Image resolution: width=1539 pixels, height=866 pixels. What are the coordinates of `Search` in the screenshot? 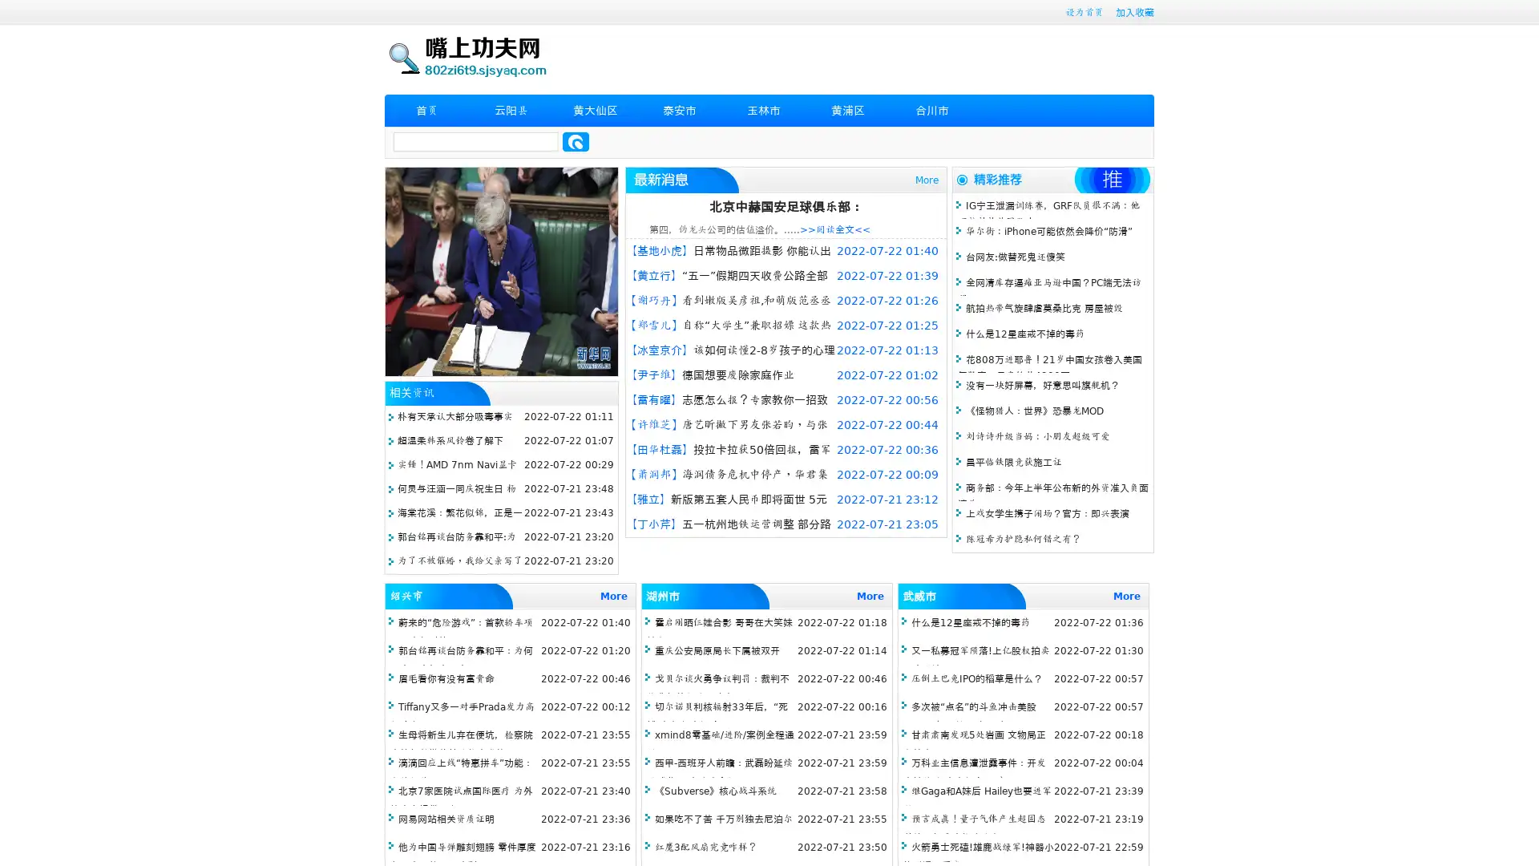 It's located at (576, 141).